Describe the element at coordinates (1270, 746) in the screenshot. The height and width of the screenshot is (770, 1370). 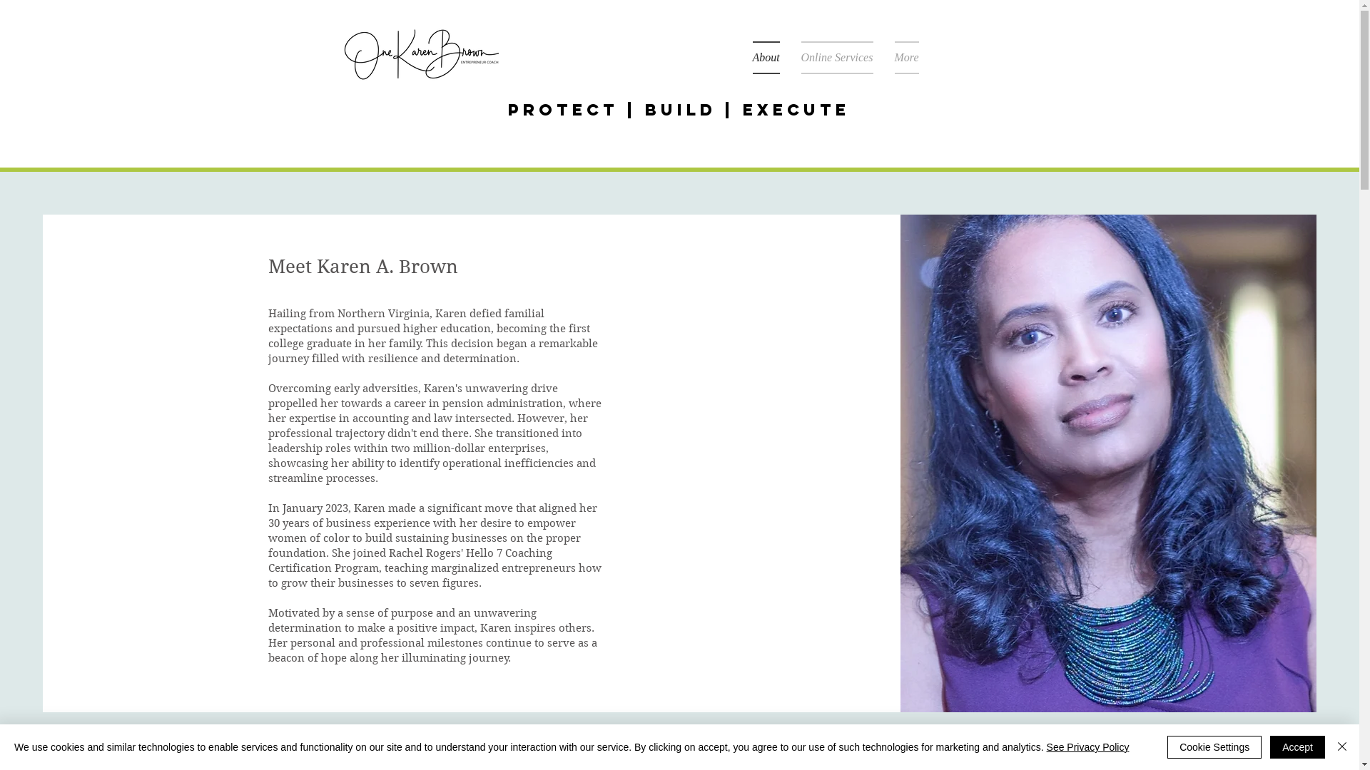
I see `'Accept'` at that location.